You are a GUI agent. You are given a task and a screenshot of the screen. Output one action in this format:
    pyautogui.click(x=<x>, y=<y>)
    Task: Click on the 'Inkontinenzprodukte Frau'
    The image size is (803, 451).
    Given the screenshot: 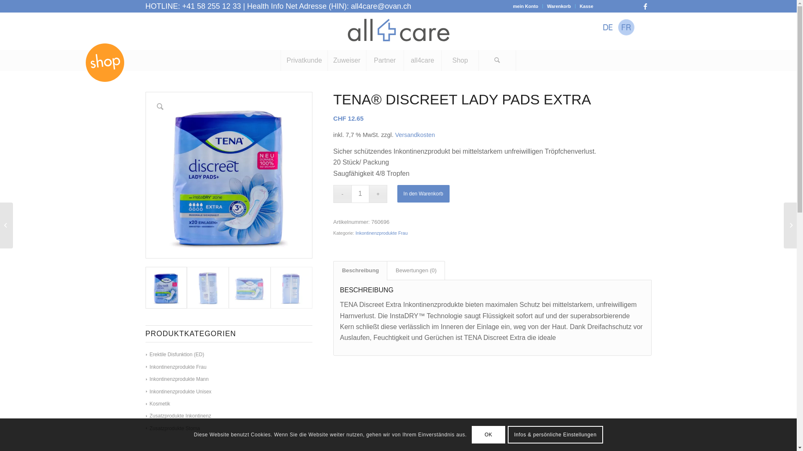 What is the action you would take?
    pyautogui.click(x=381, y=233)
    